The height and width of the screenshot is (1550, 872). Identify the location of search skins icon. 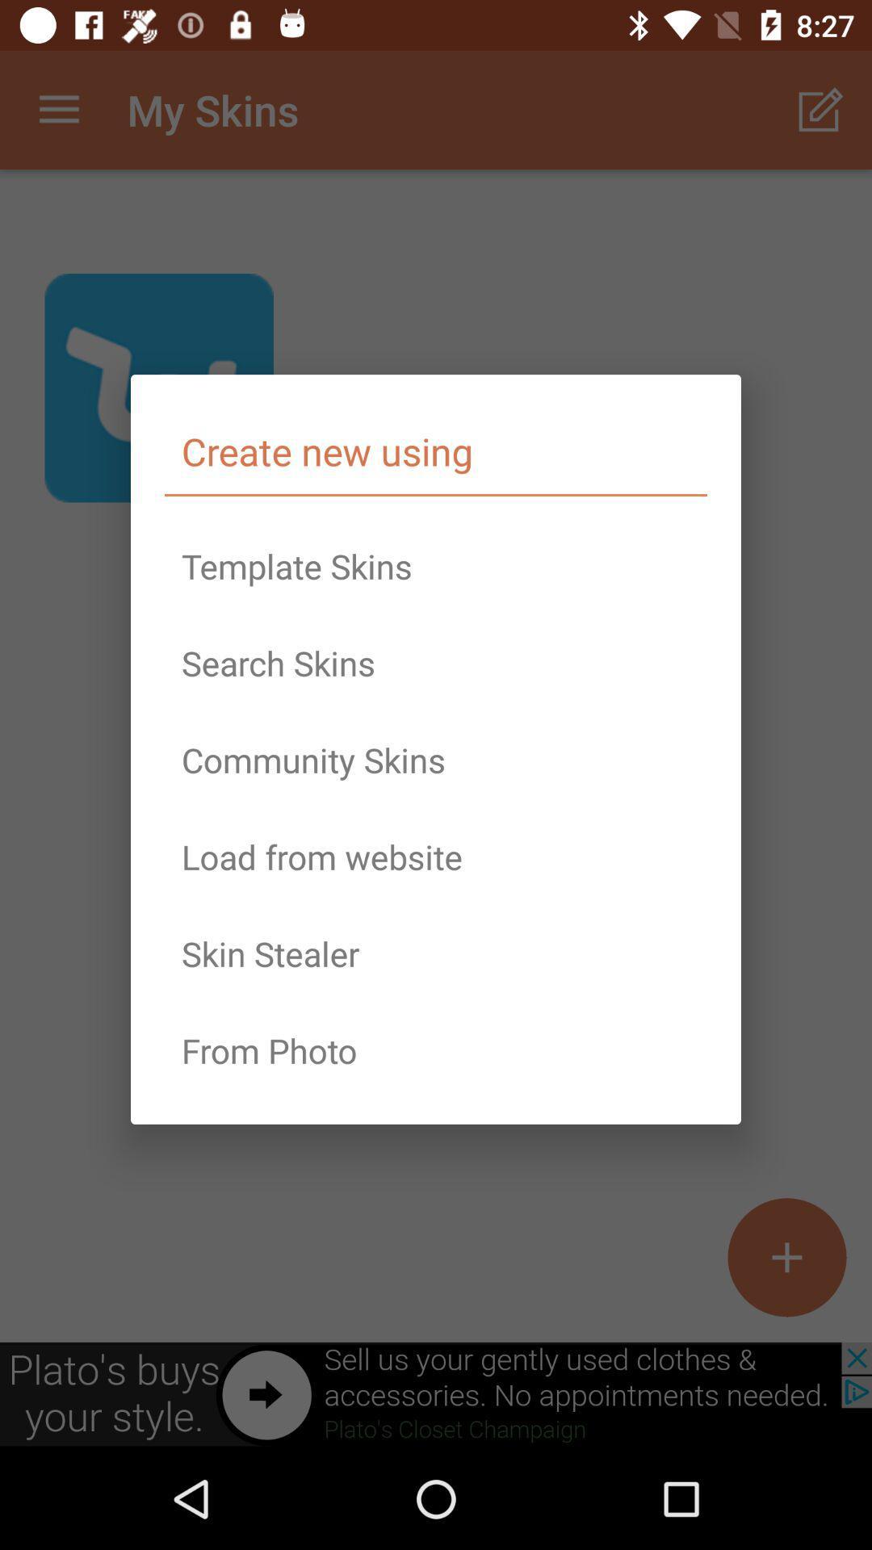
(436, 663).